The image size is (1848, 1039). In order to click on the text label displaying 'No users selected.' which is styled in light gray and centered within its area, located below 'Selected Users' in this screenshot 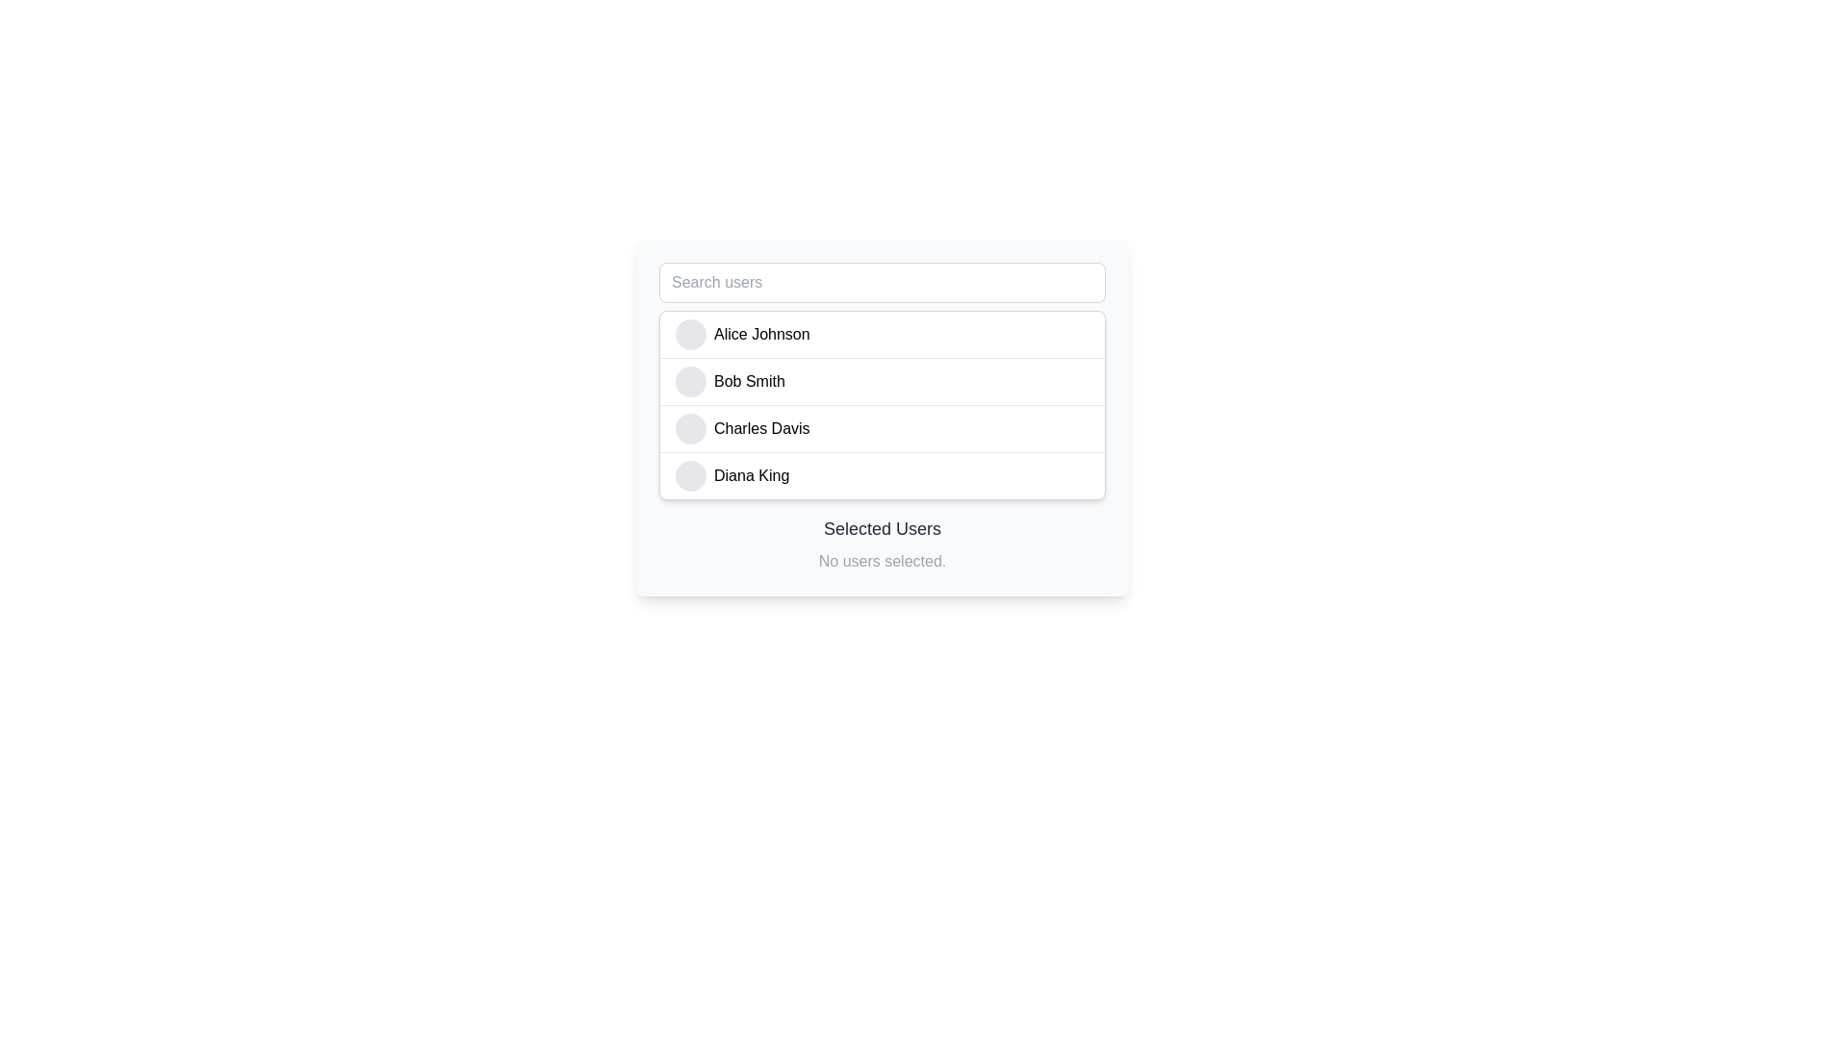, I will do `click(881, 561)`.